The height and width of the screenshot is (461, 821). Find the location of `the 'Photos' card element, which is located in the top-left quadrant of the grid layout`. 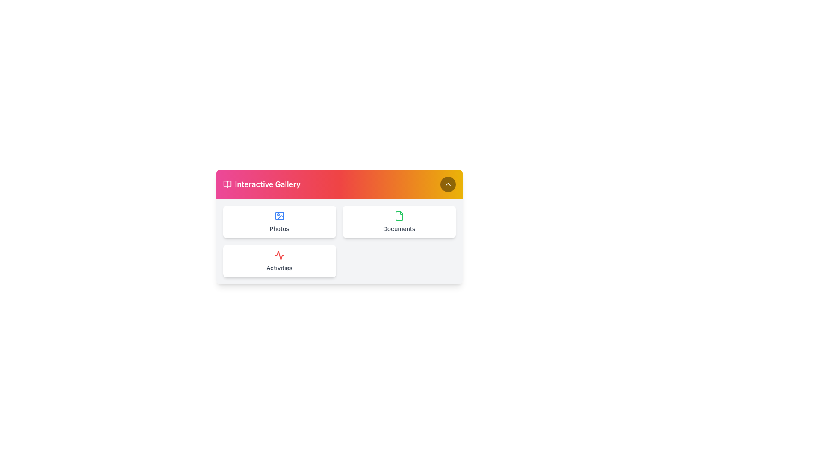

the 'Photos' card element, which is located in the top-left quadrant of the grid layout is located at coordinates (279, 222).